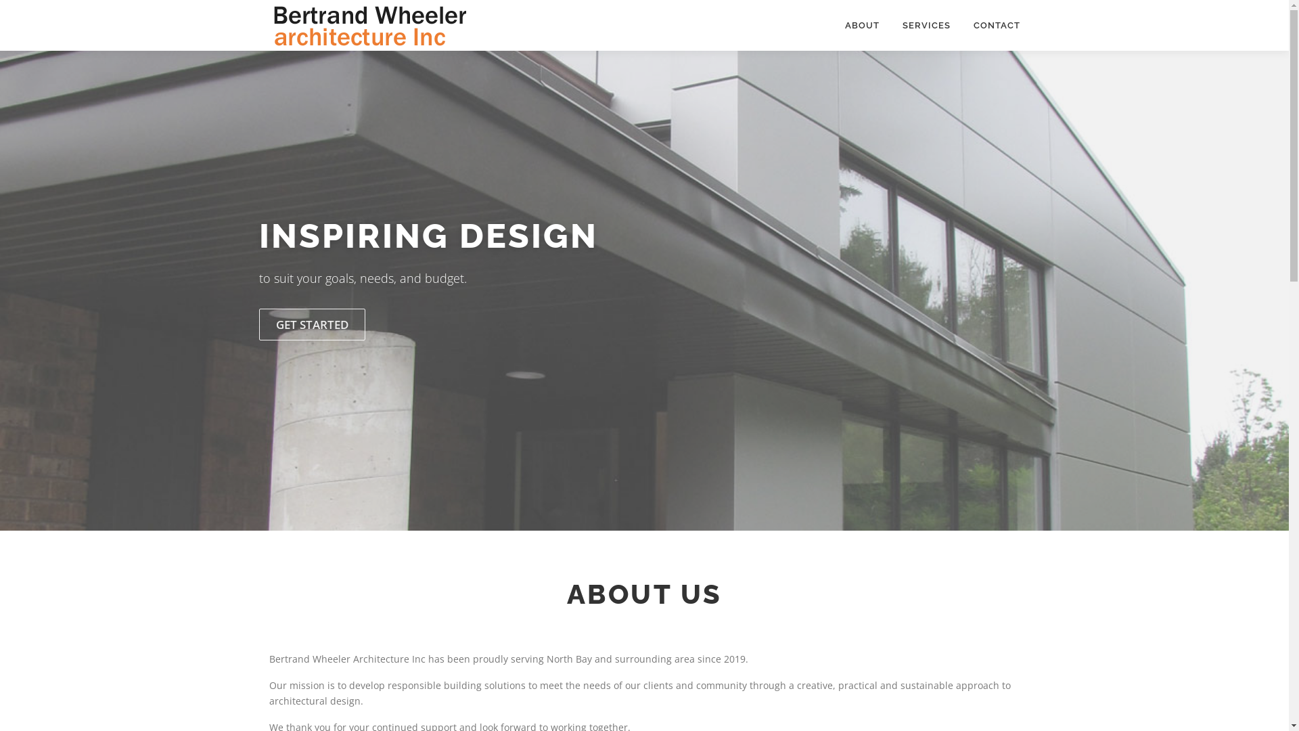 The image size is (1299, 731). What do you see at coordinates (990, 25) in the screenshot?
I see `'CONTACT'` at bounding box center [990, 25].